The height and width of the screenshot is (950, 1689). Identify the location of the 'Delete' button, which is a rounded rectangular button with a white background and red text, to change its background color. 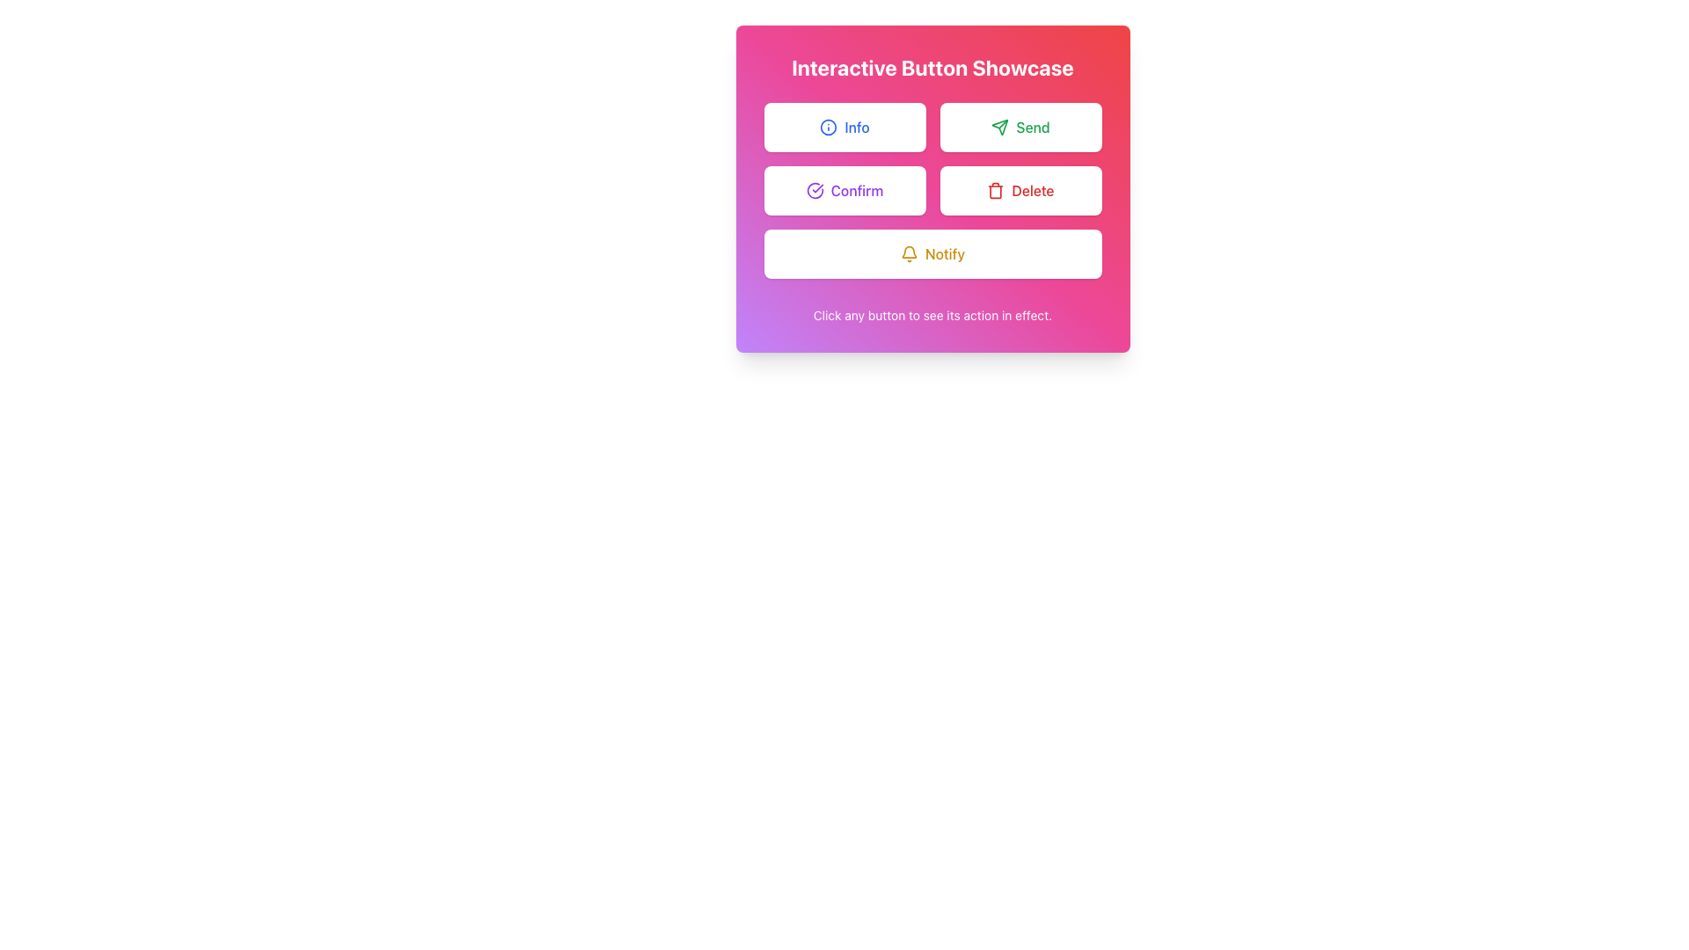
(1020, 190).